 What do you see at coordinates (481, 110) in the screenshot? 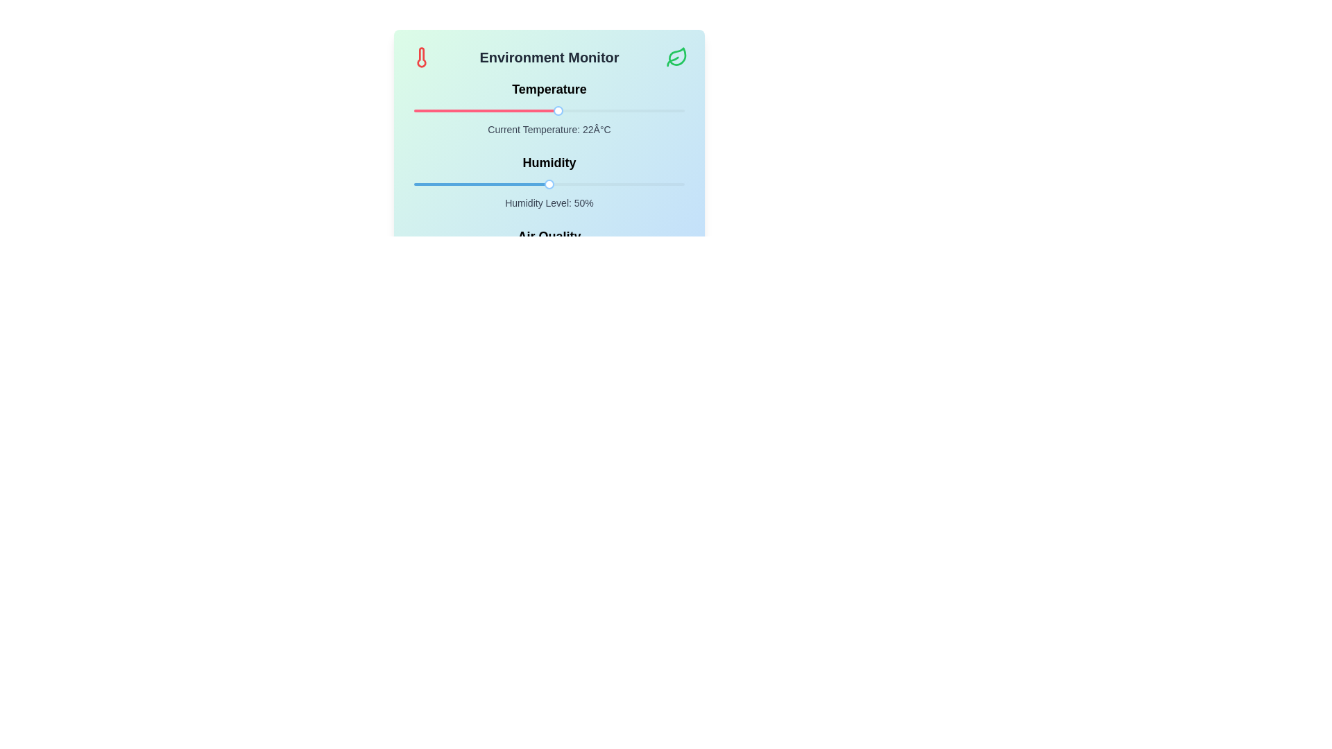
I see `the temperature` at bounding box center [481, 110].